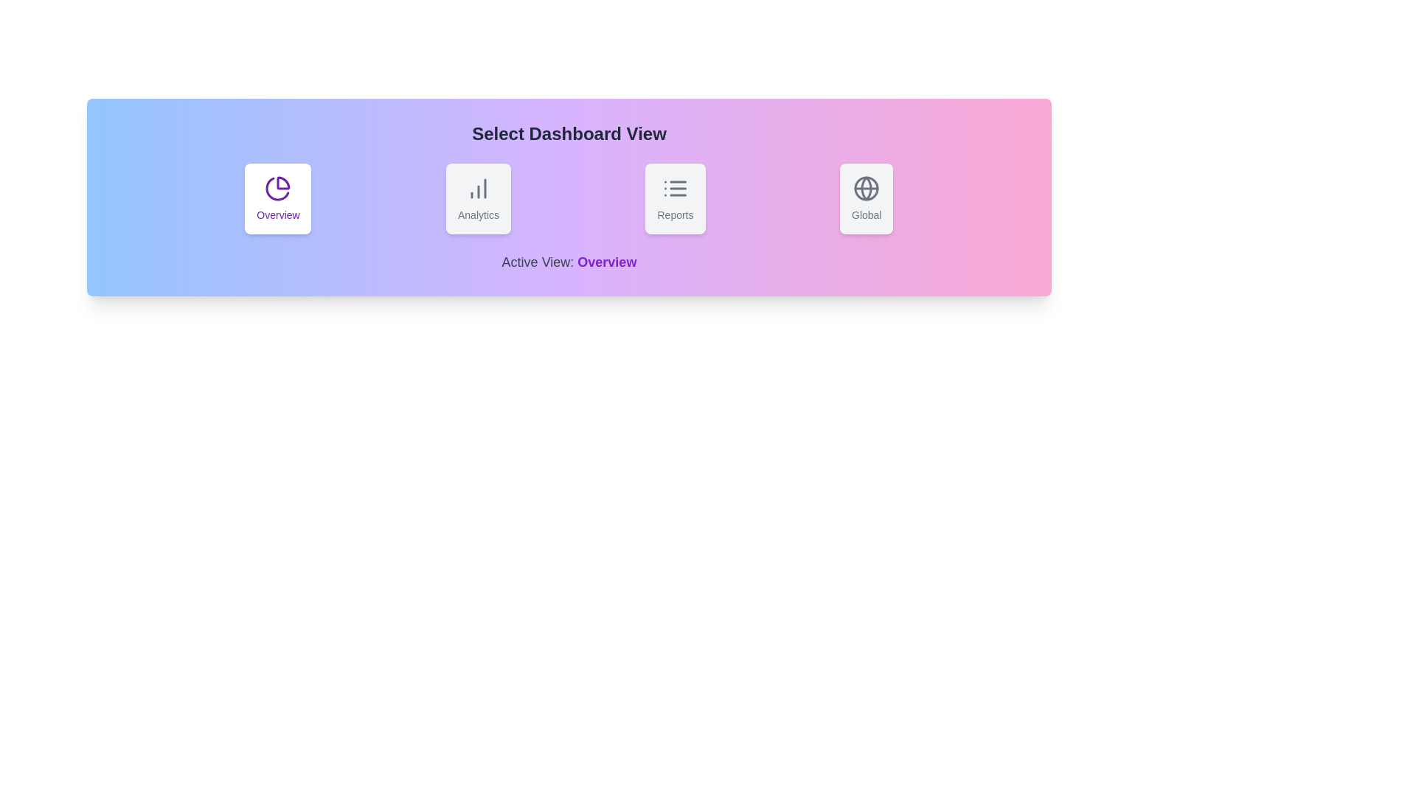 The image size is (1416, 796). What do you see at coordinates (478, 199) in the screenshot?
I see `the button labeled Analytics to switch the active dashboard view` at bounding box center [478, 199].